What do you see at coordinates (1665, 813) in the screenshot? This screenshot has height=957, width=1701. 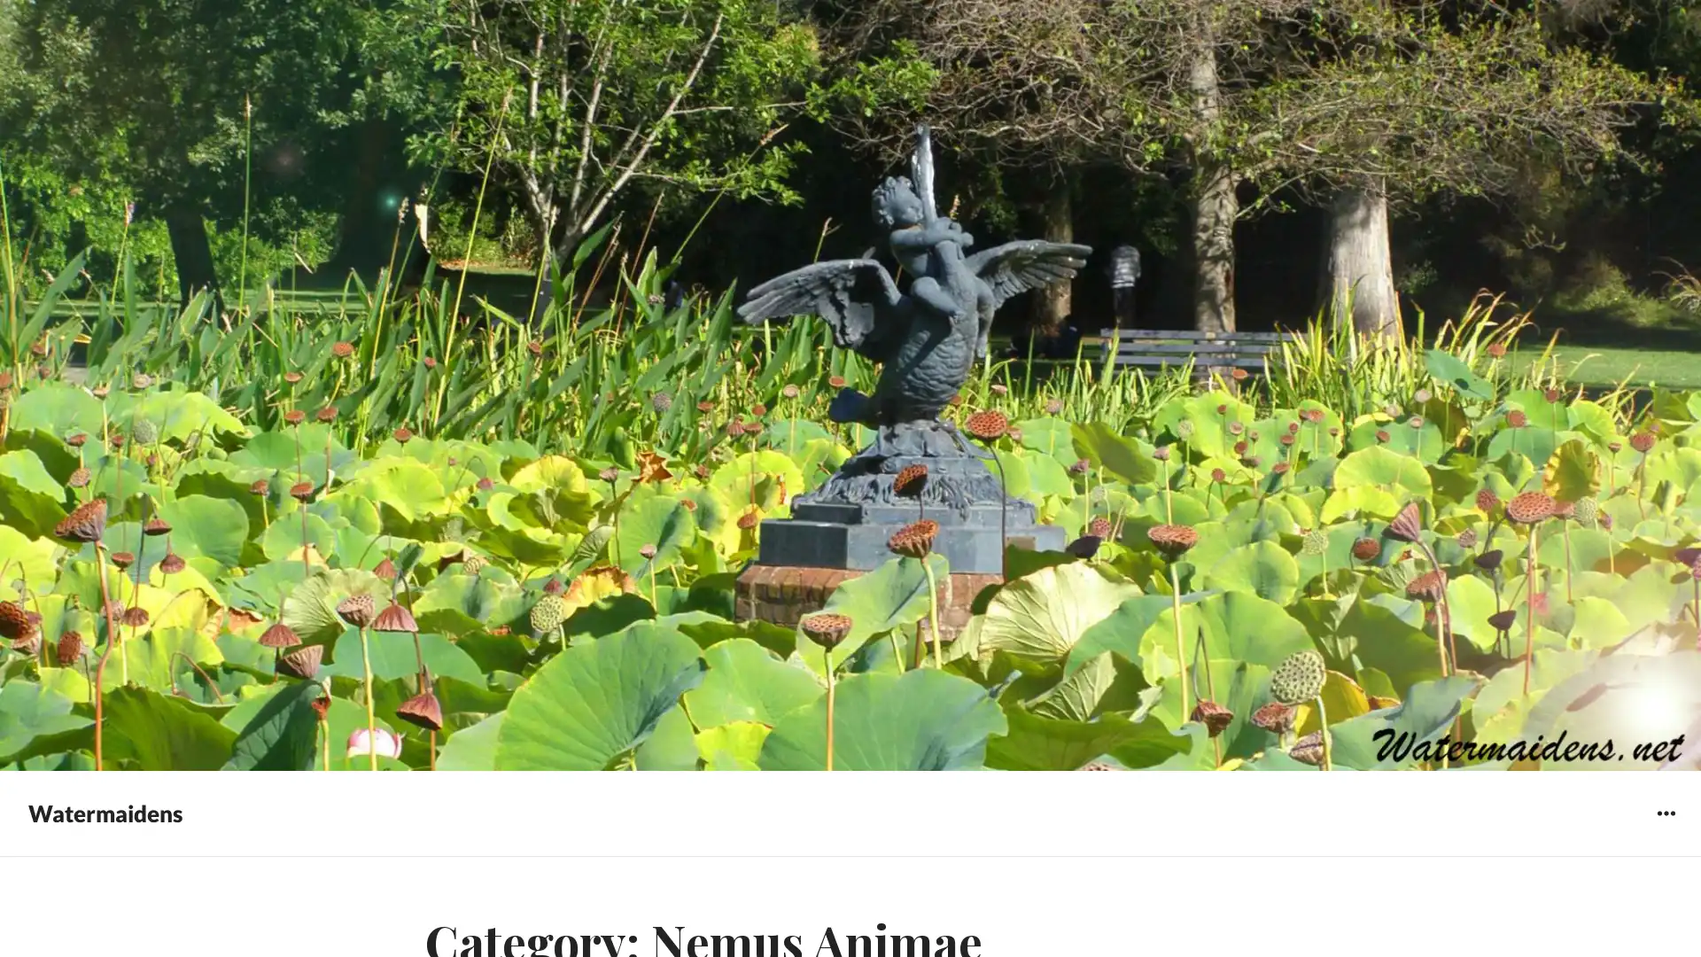 I see `WIDGETS` at bounding box center [1665, 813].